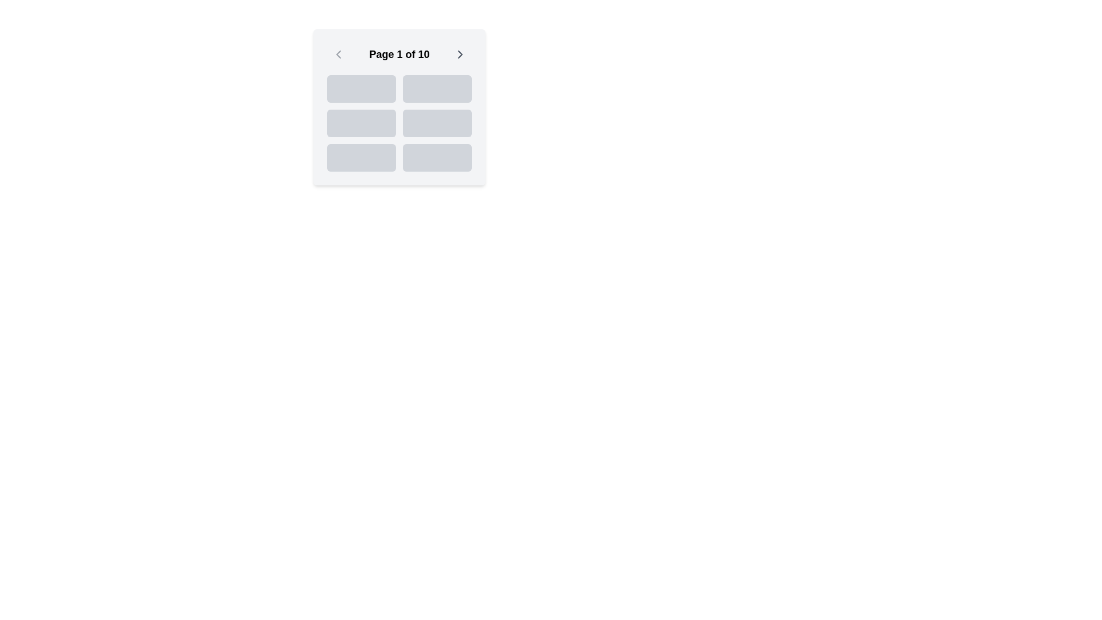  I want to click on the Chevron icon (left arrow) located at the top-left corner of the interface, so click(338, 55).